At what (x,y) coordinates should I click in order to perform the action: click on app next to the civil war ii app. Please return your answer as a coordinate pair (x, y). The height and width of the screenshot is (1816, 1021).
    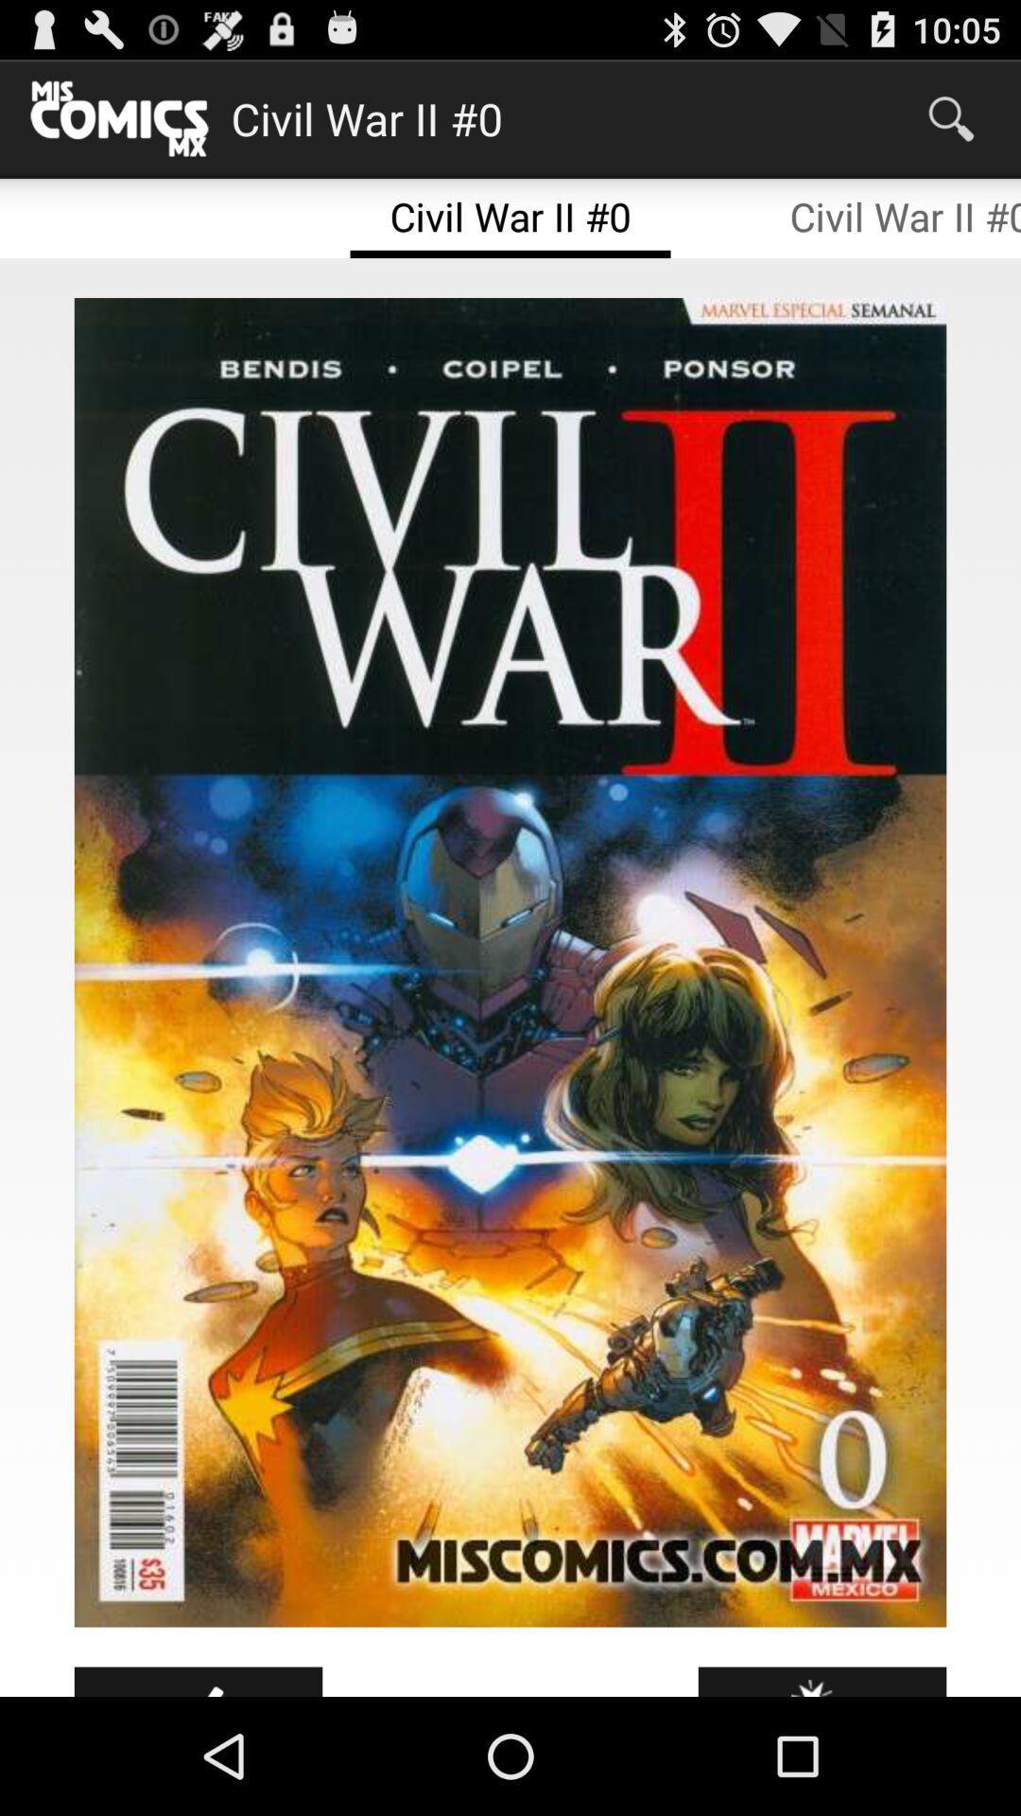
    Looking at the image, I should click on (951, 117).